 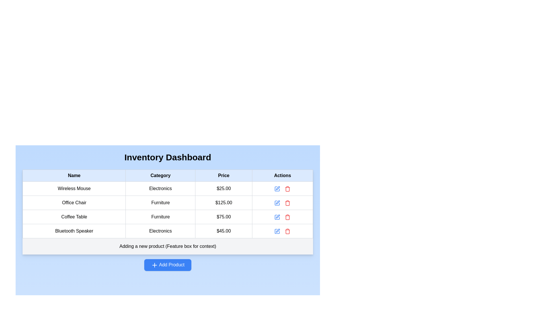 What do you see at coordinates (74, 188) in the screenshot?
I see `the text label 'Wireless Mouse' located in the first row and first column of the table under the 'Name' column` at bounding box center [74, 188].